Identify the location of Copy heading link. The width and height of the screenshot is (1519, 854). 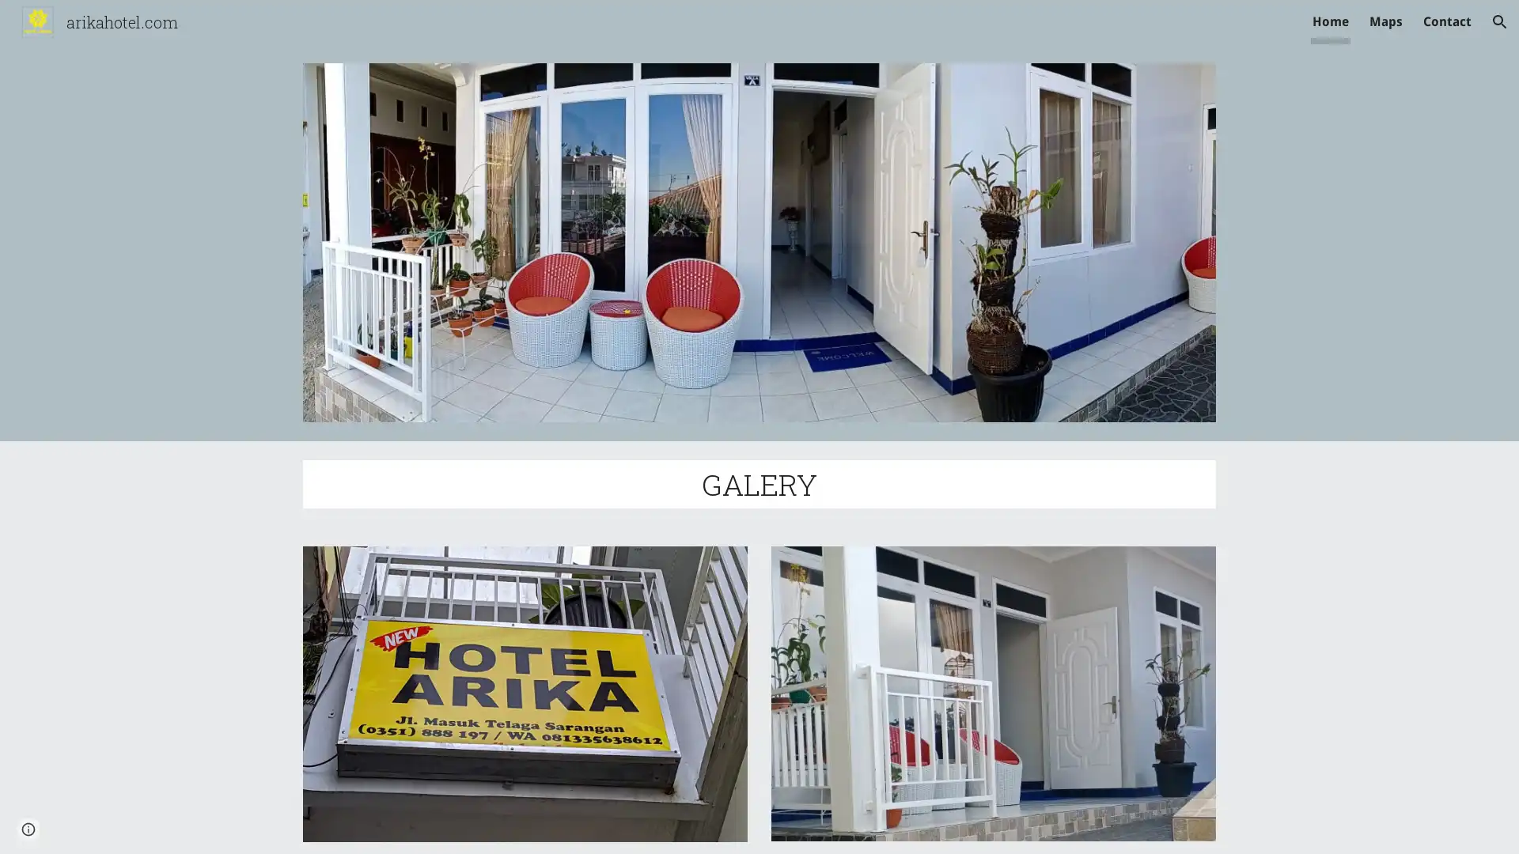
(835, 483).